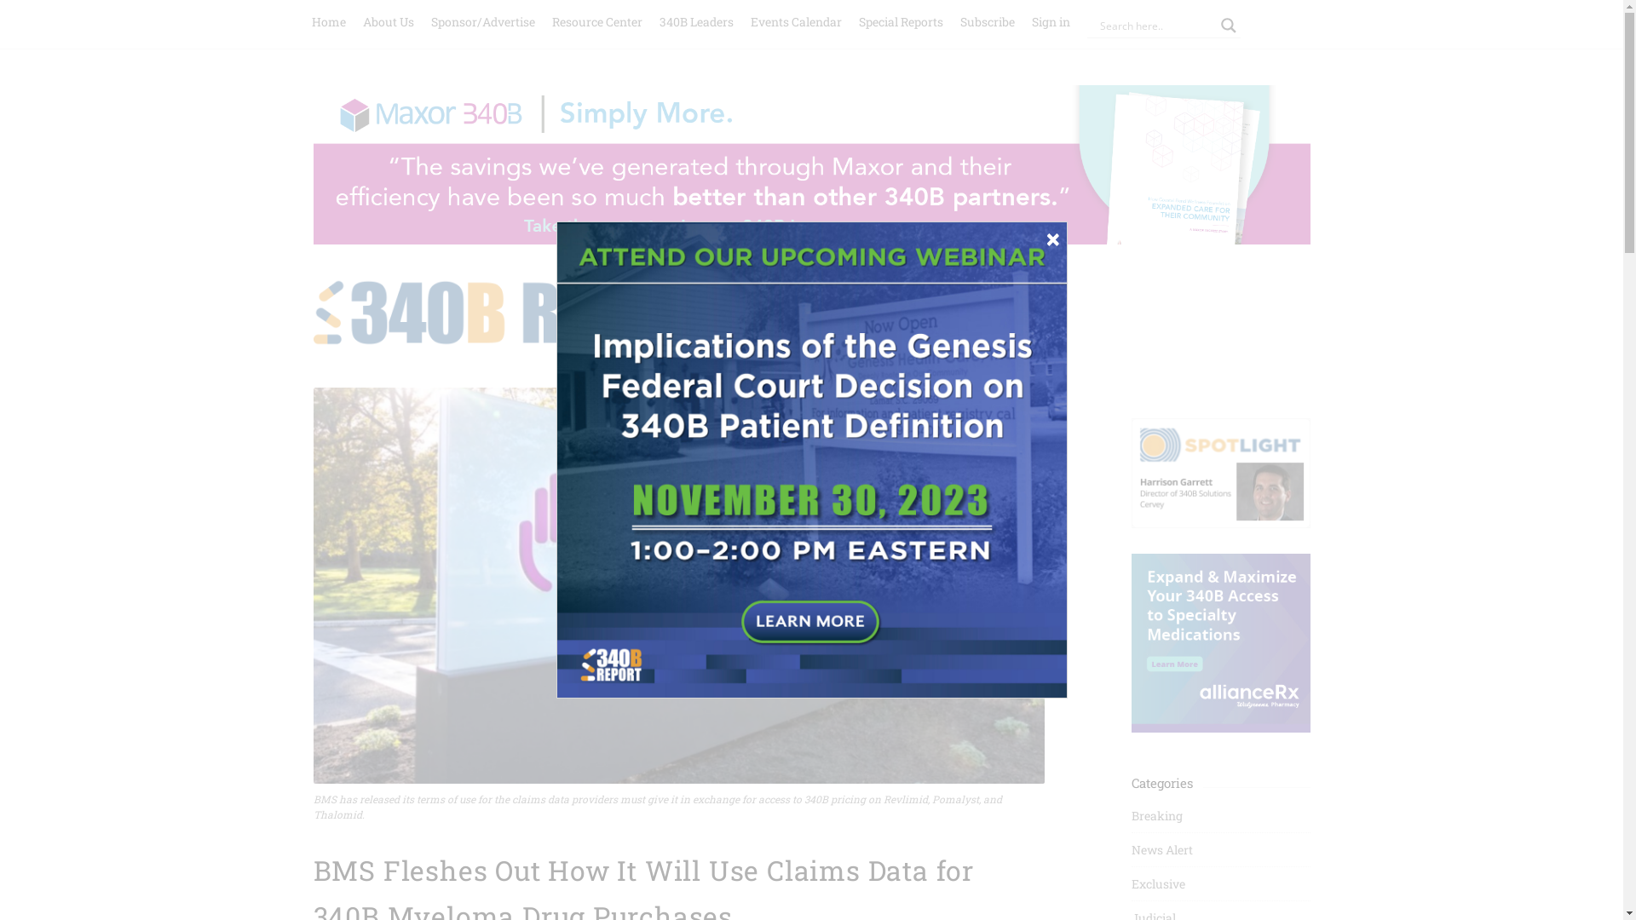  I want to click on 'News Alert', so click(1161, 849).